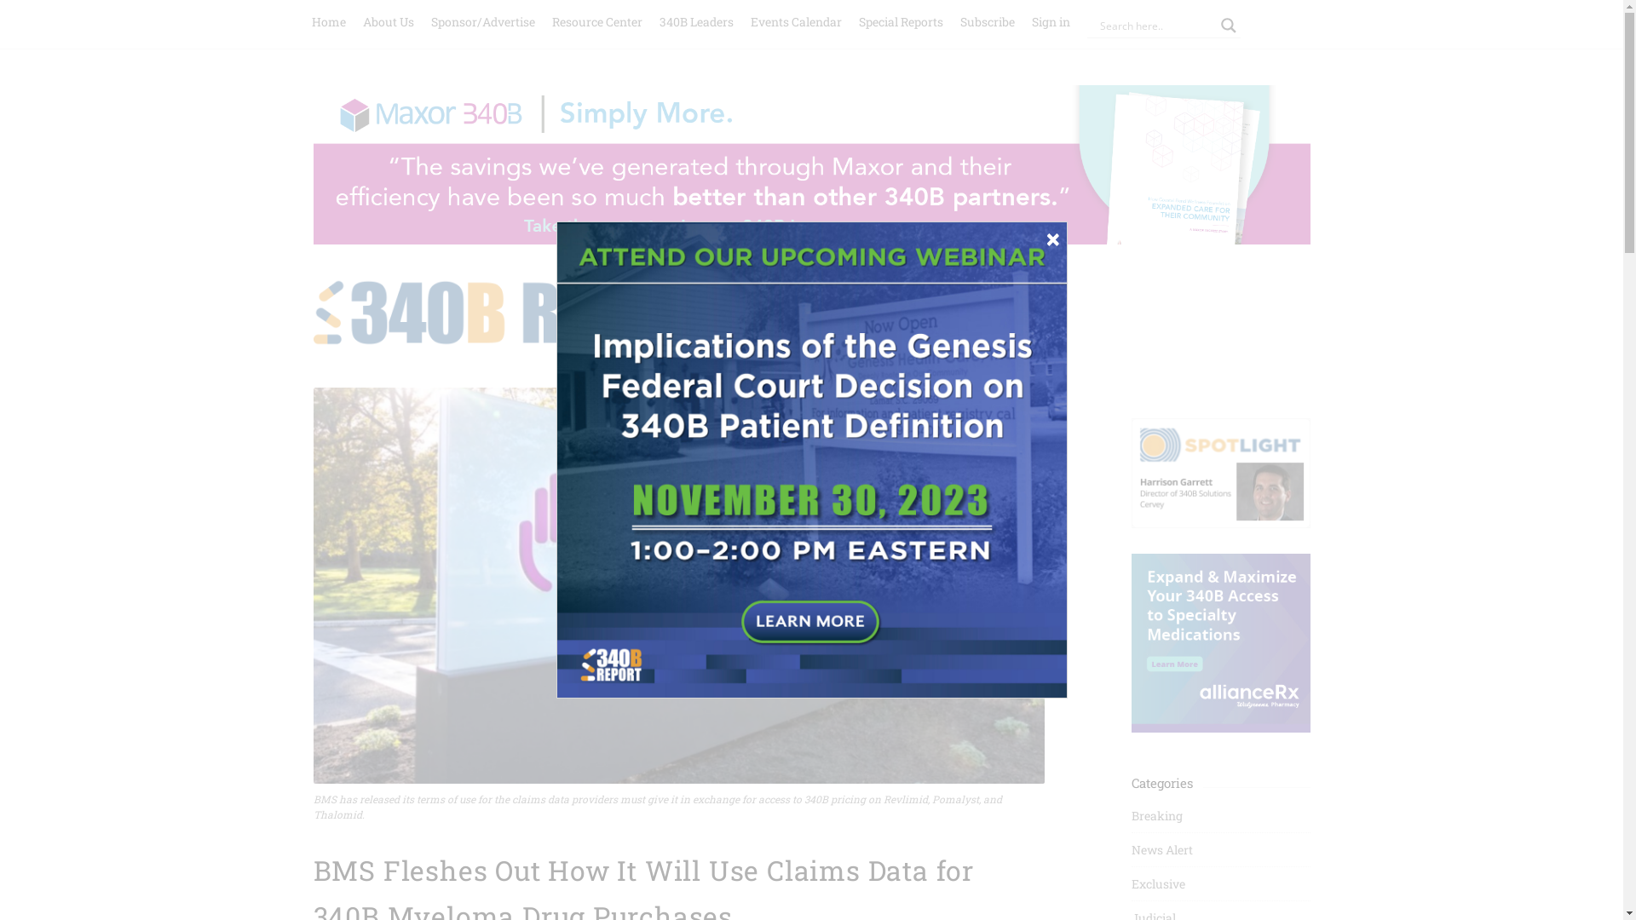  I want to click on 'News Alert', so click(1161, 849).